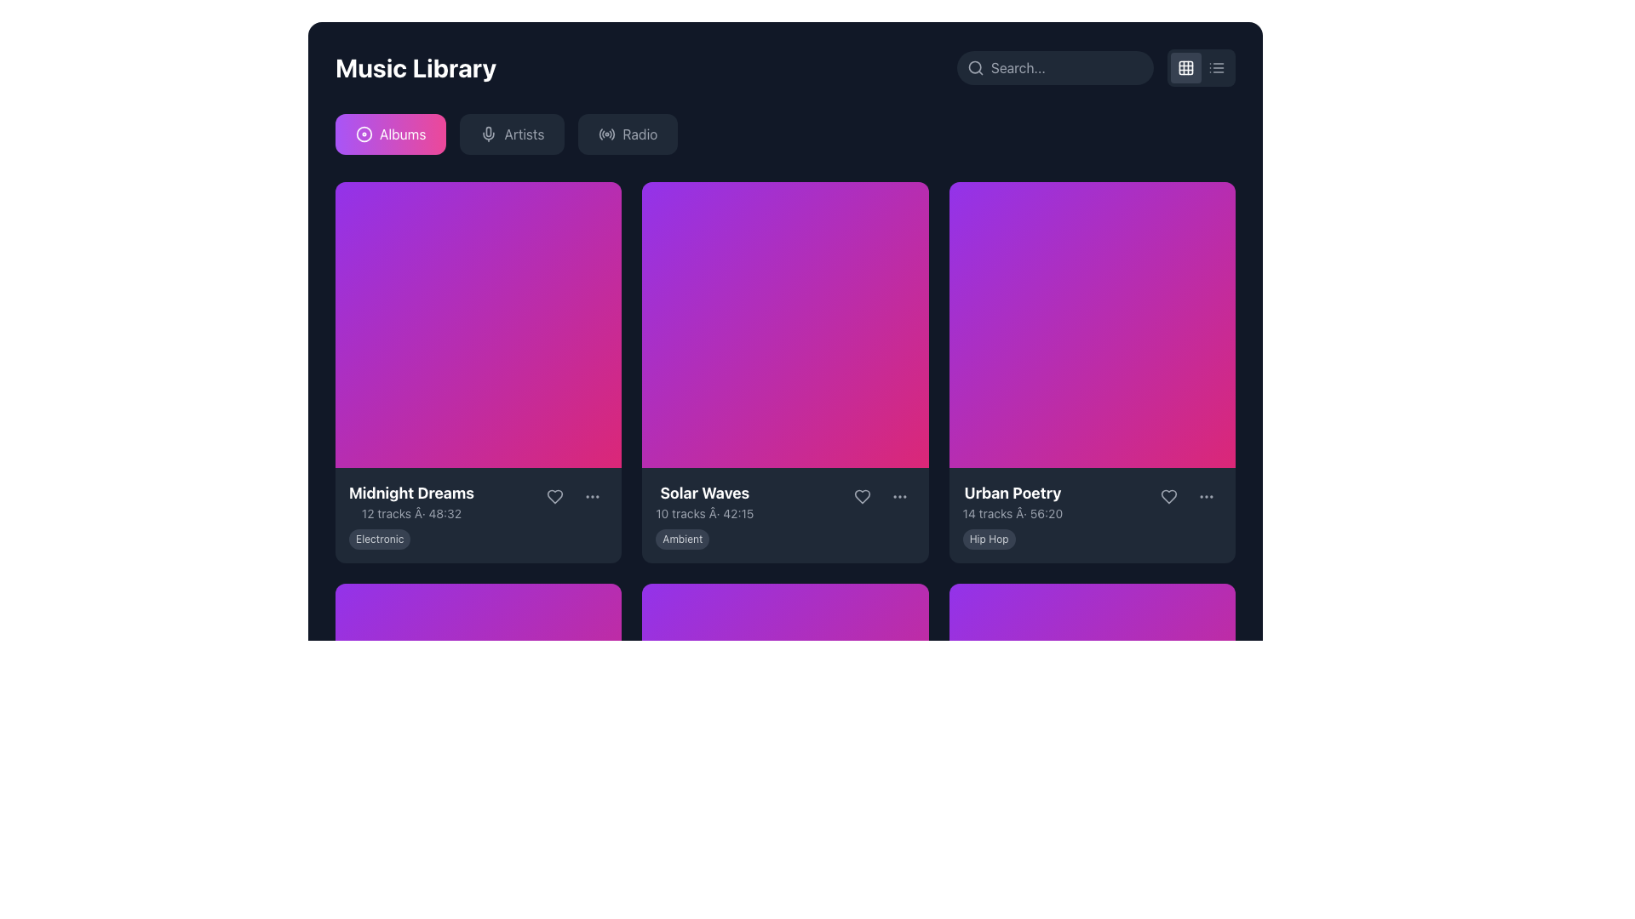 The width and height of the screenshot is (1635, 919). What do you see at coordinates (390, 134) in the screenshot?
I see `the navigation button for accessing albums in the music library interface` at bounding box center [390, 134].